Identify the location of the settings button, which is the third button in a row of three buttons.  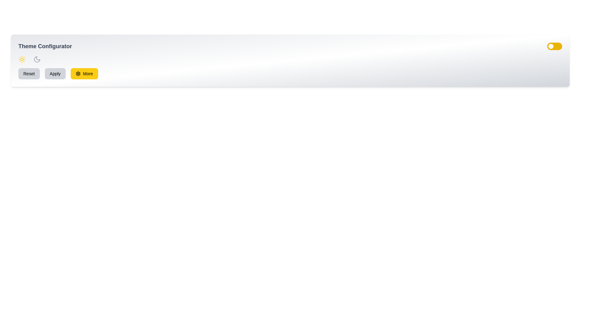
(84, 73).